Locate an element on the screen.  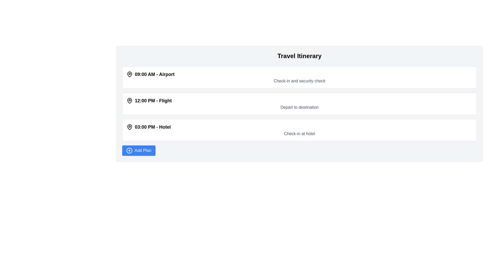
the outline of the map pin icon associated with '03:00 PM - Hotel' in the third position of the time entries list is located at coordinates (130, 127).